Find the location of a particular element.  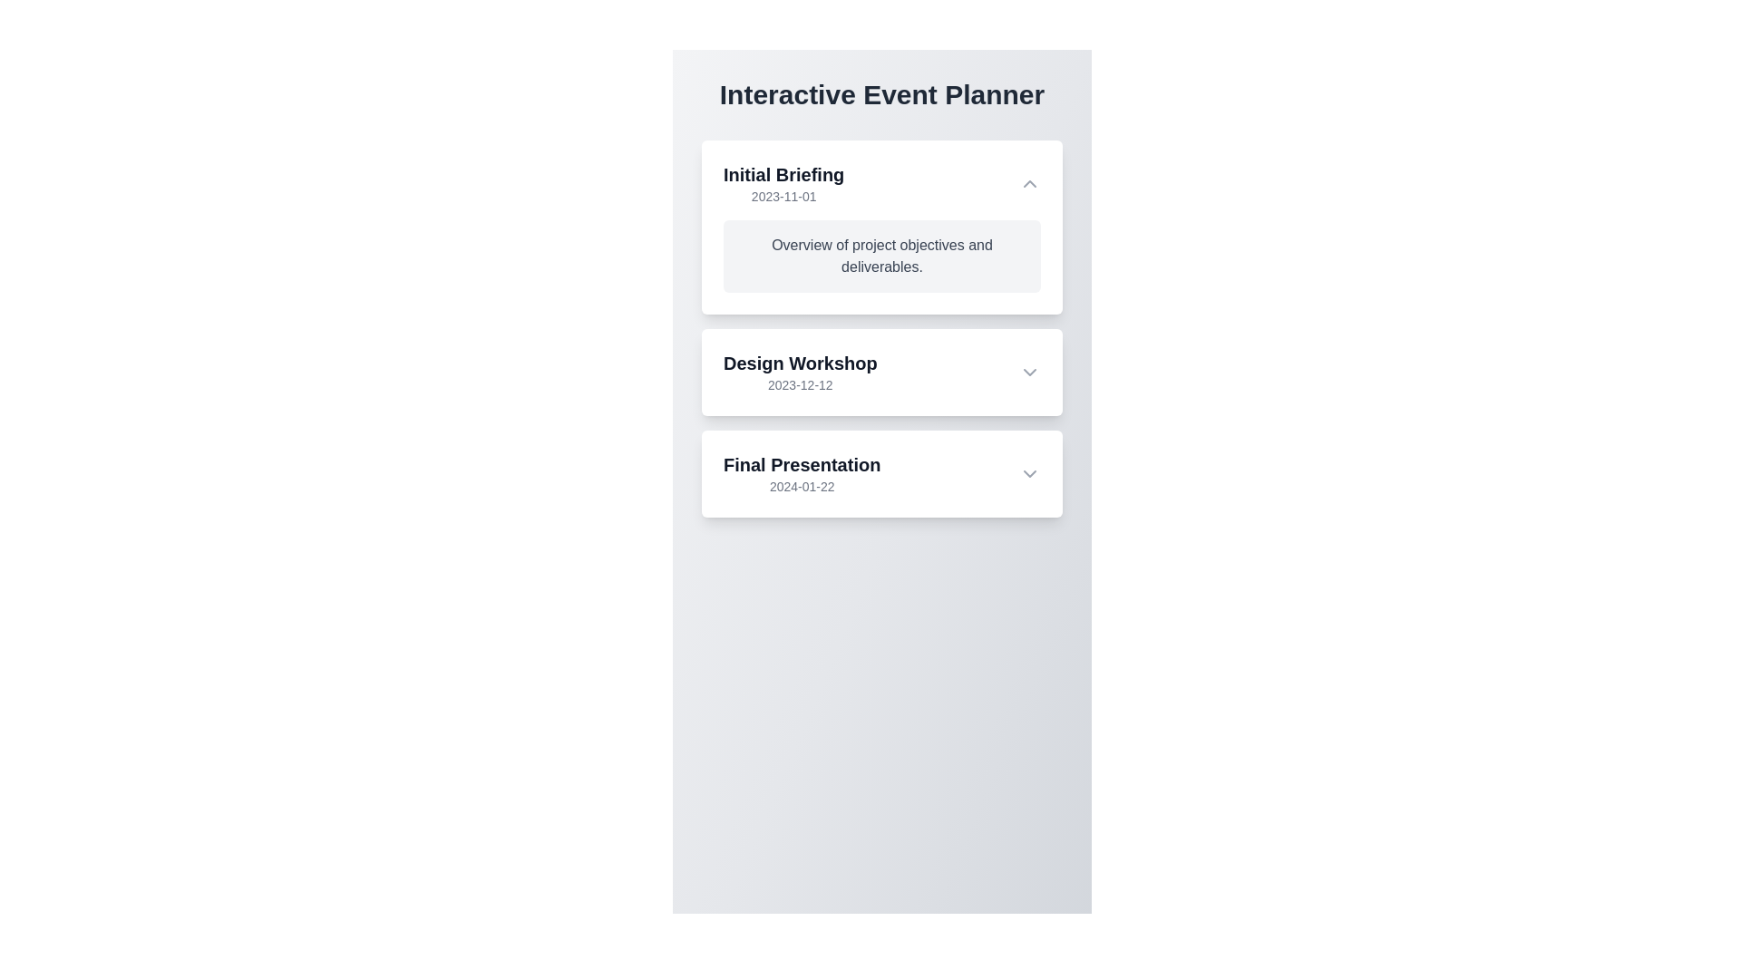

the text label displaying the date '2024-01-22', which is located below the main title 'Final Presentation' in the third section of the vertically stacked list is located at coordinates (801, 485).